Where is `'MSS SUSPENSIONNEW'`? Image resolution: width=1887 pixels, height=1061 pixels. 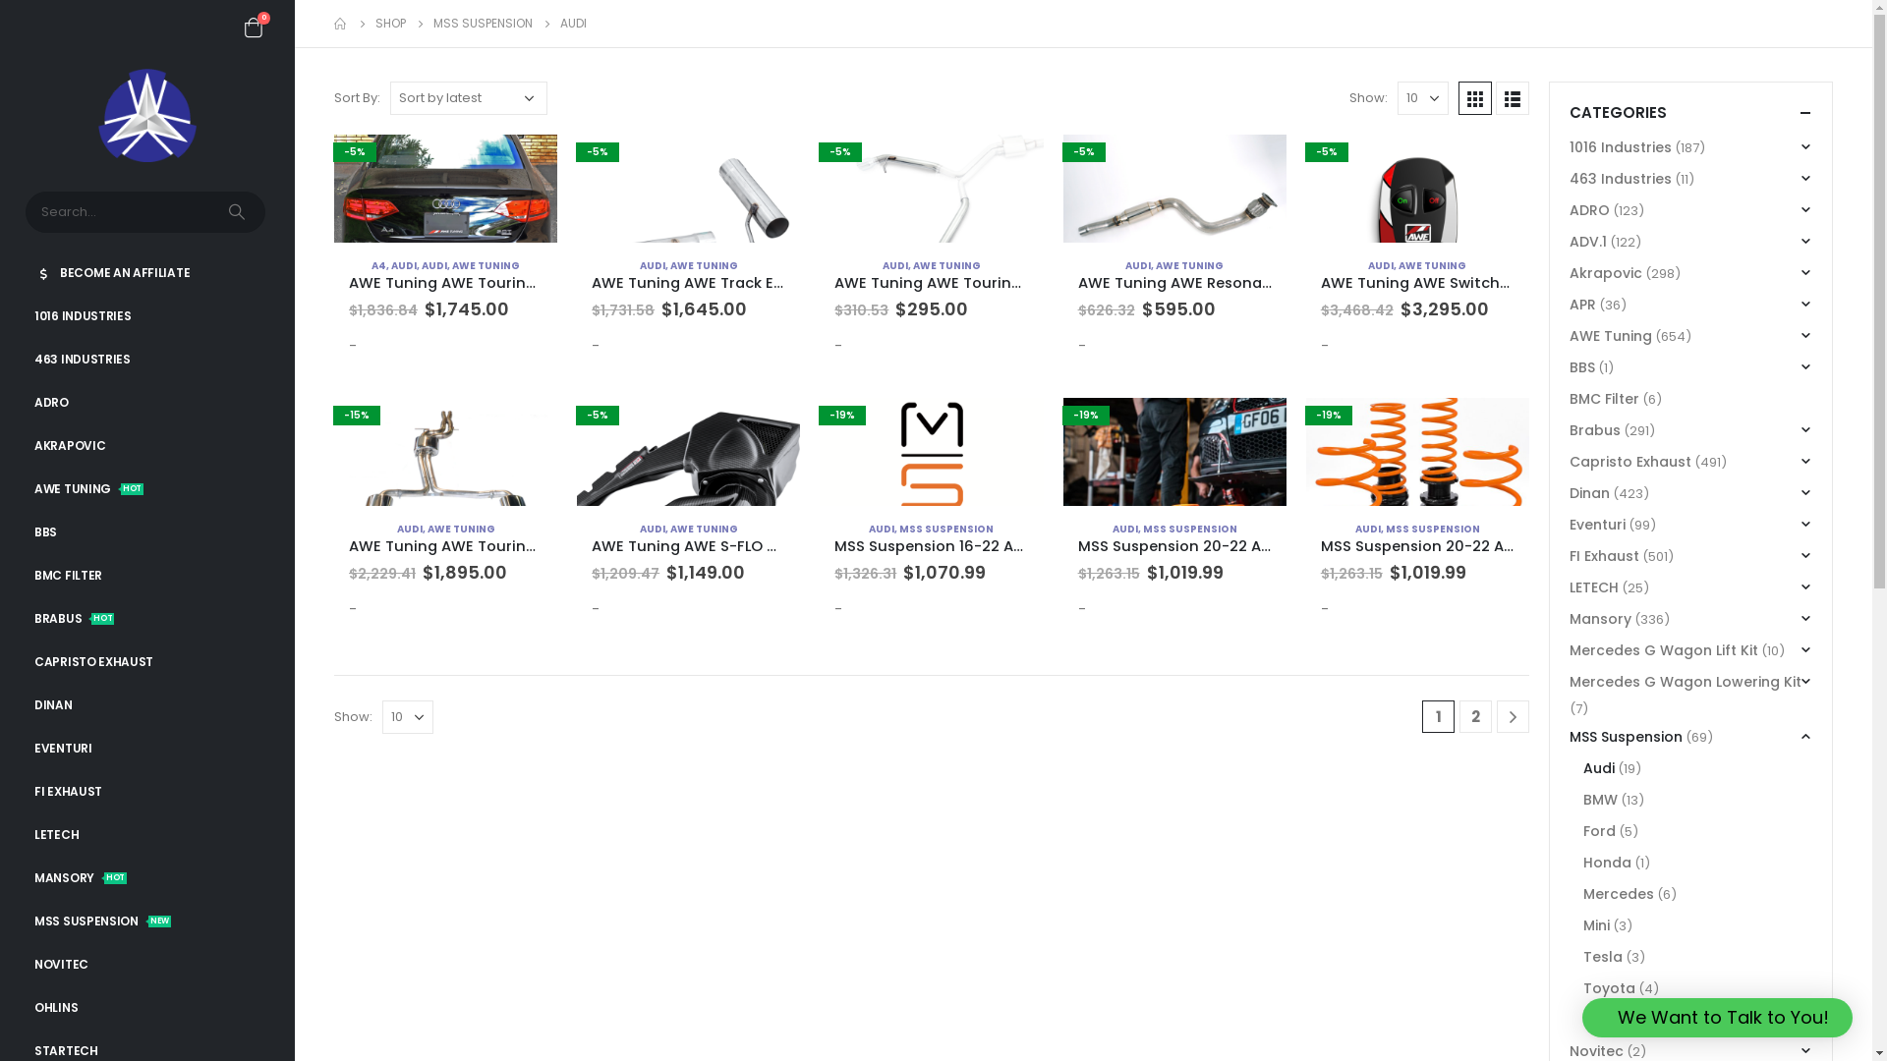
'MSS SUSPENSIONNEW' is located at coordinates (29, 921).